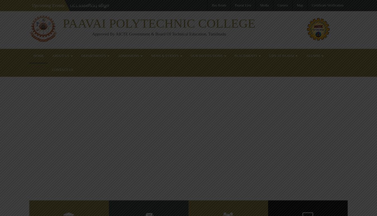 This screenshot has width=377, height=216. What do you see at coordinates (218, 5) in the screenshot?
I see `'Bus Route'` at bounding box center [218, 5].